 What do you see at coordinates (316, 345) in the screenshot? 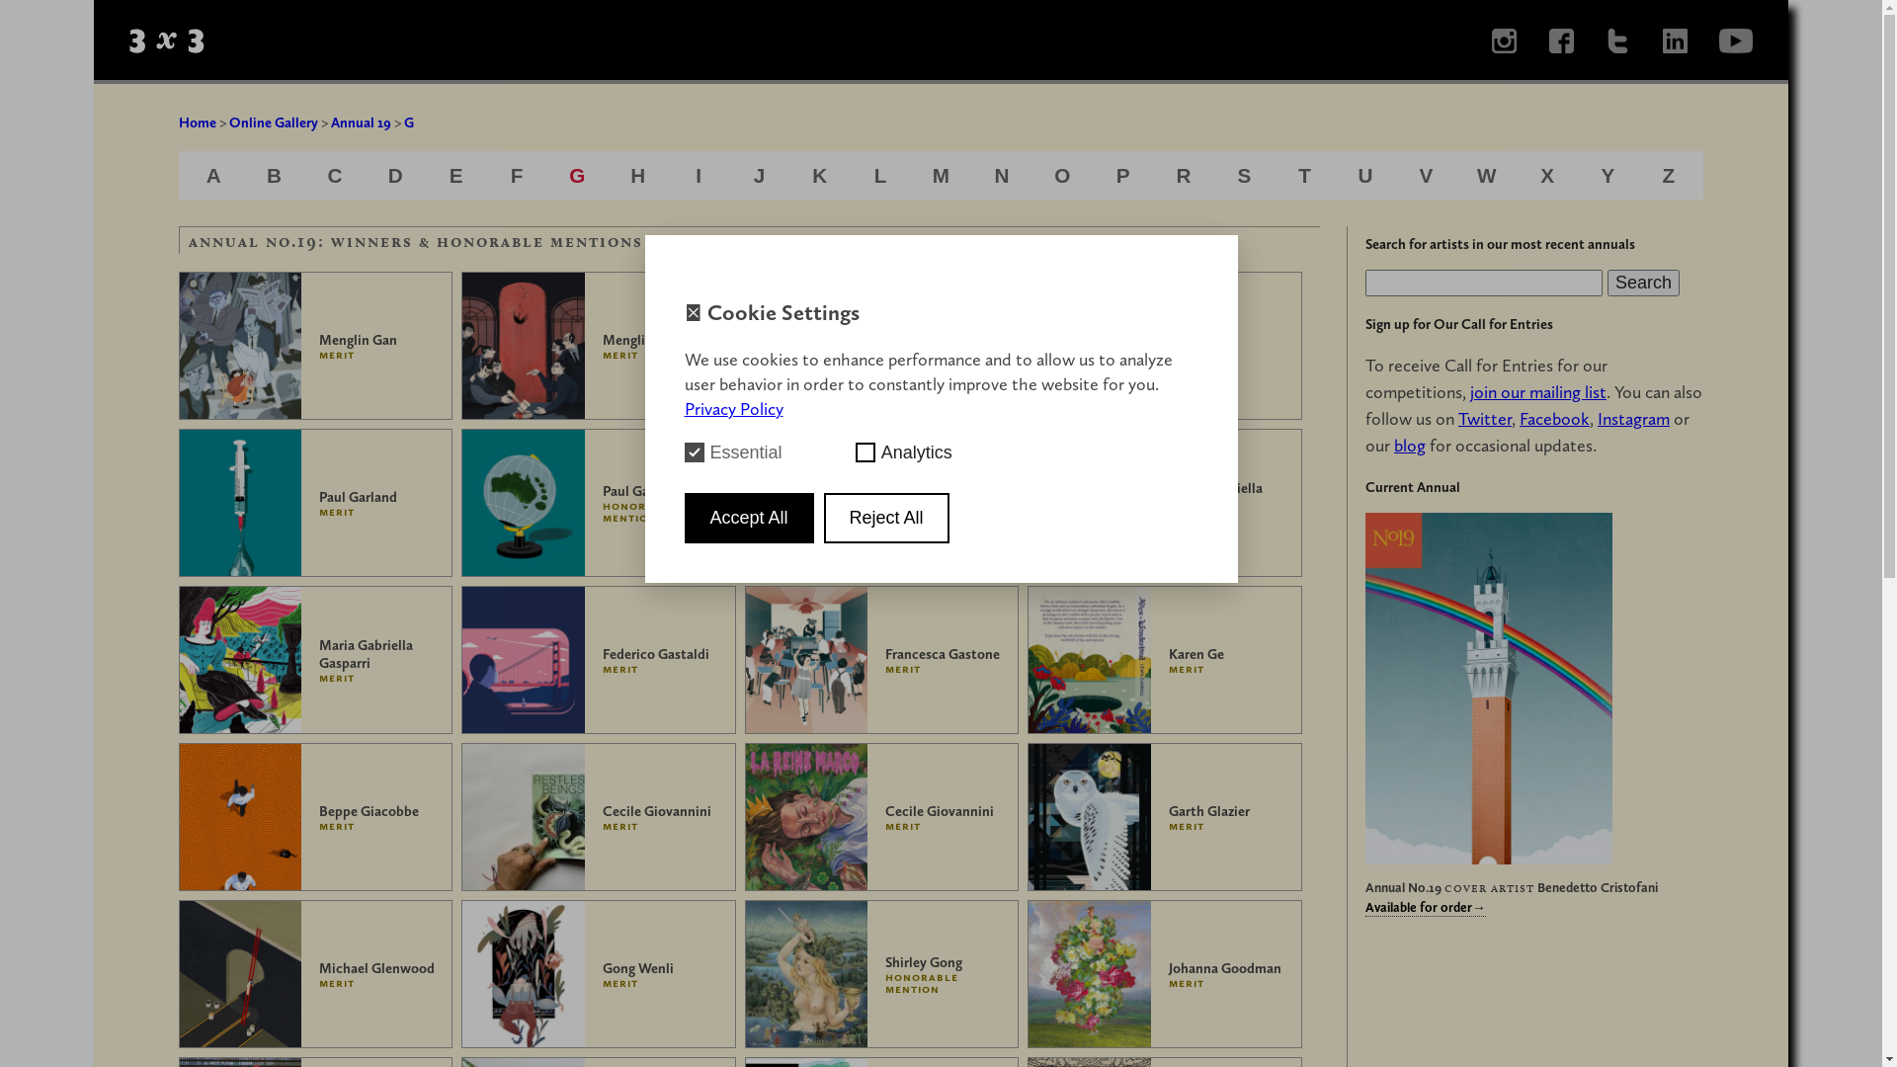
I see `'Menglin Gan` at bounding box center [316, 345].